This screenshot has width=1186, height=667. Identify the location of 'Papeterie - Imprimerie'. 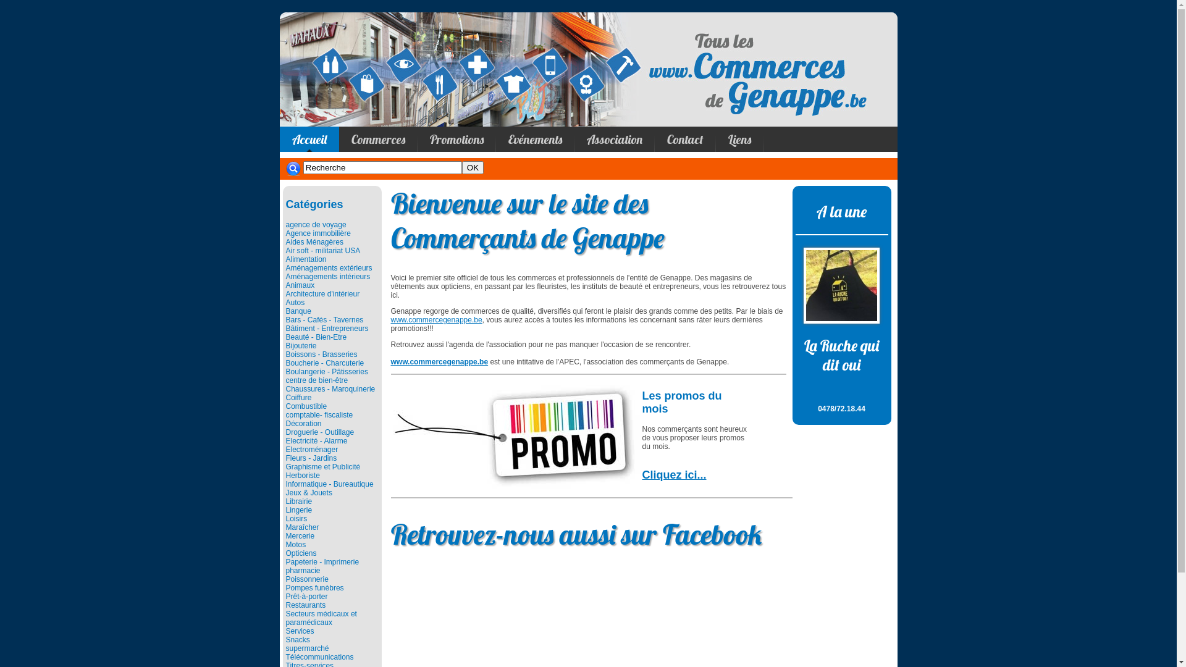
(322, 562).